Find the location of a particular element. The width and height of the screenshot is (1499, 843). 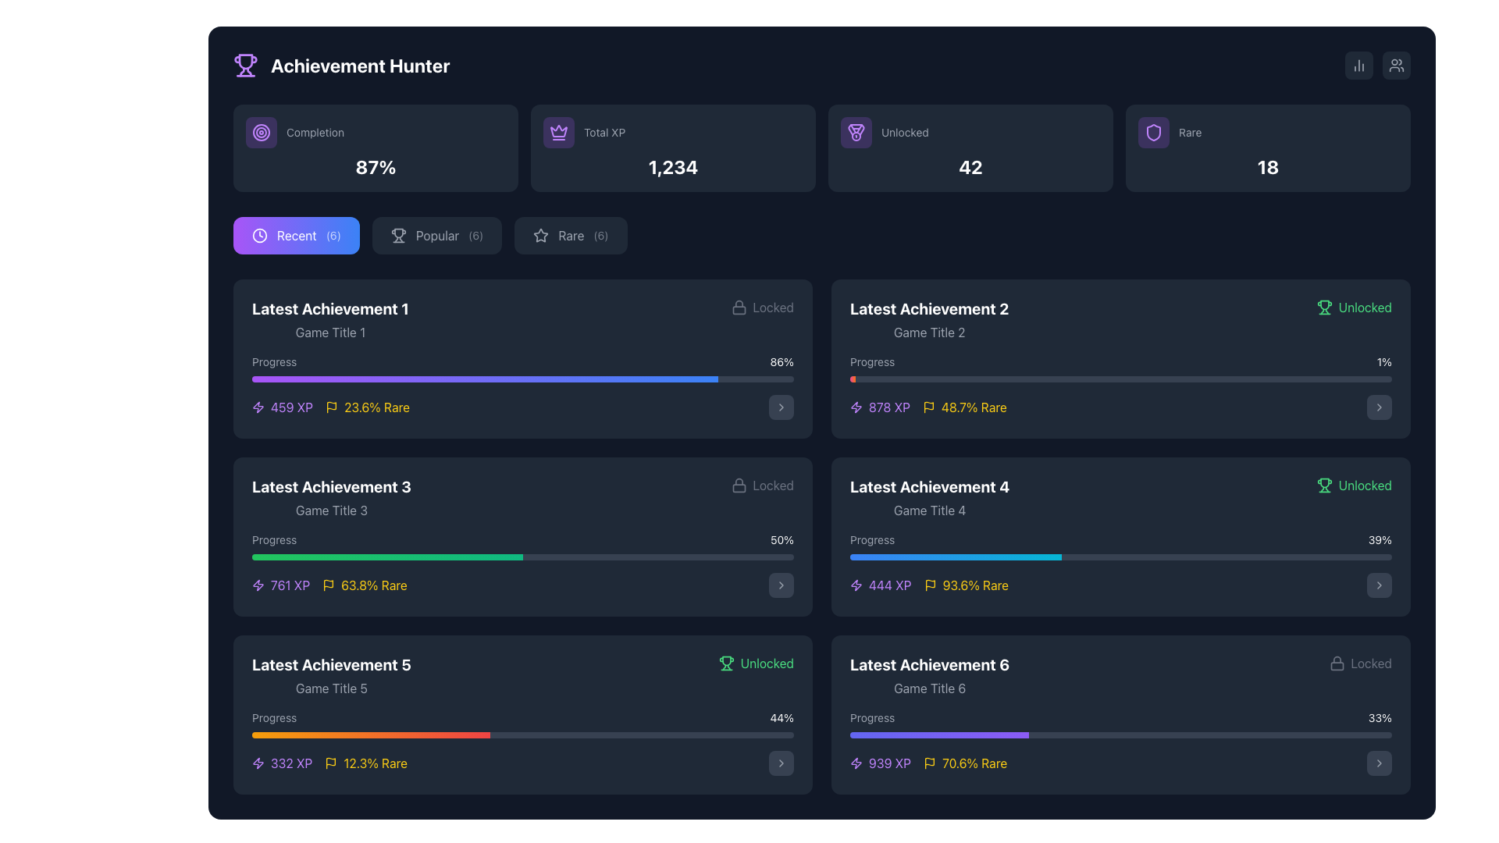

the upper part of the flag-shaped SVG icon representing a milestone in the 'Latest Achievement 4' card is located at coordinates (930, 584).